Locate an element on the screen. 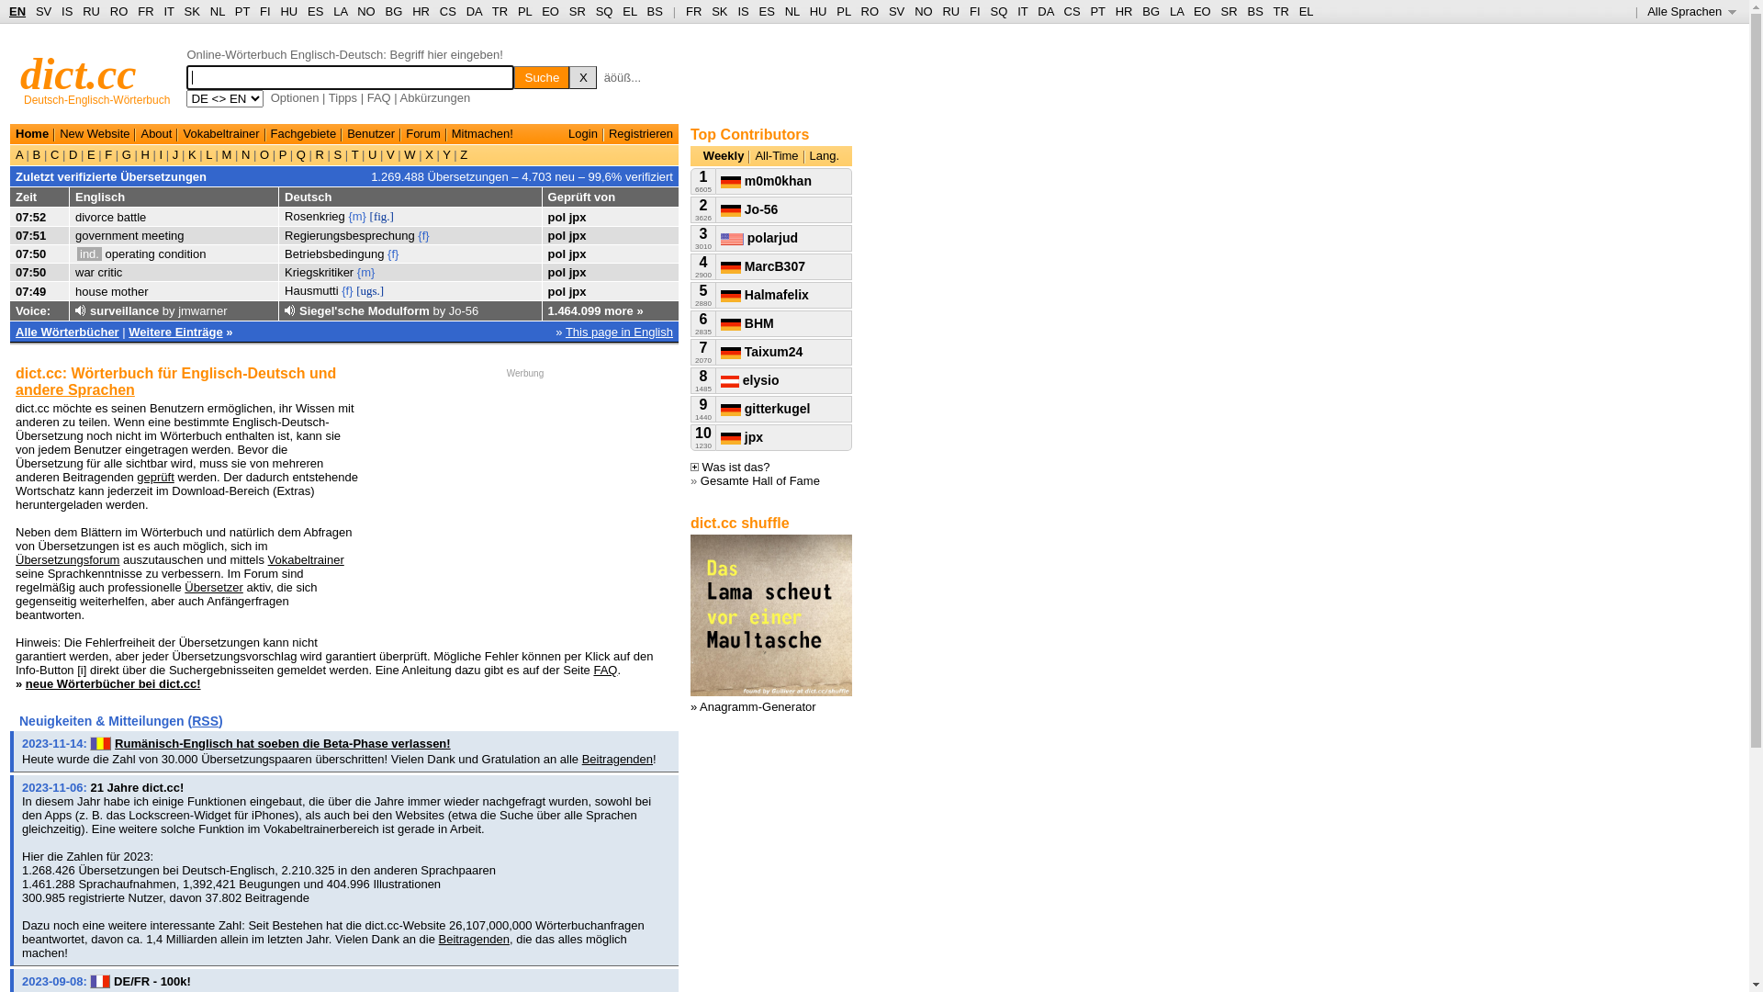 The height and width of the screenshot is (992, 1763). 'RO' is located at coordinates (870, 11).